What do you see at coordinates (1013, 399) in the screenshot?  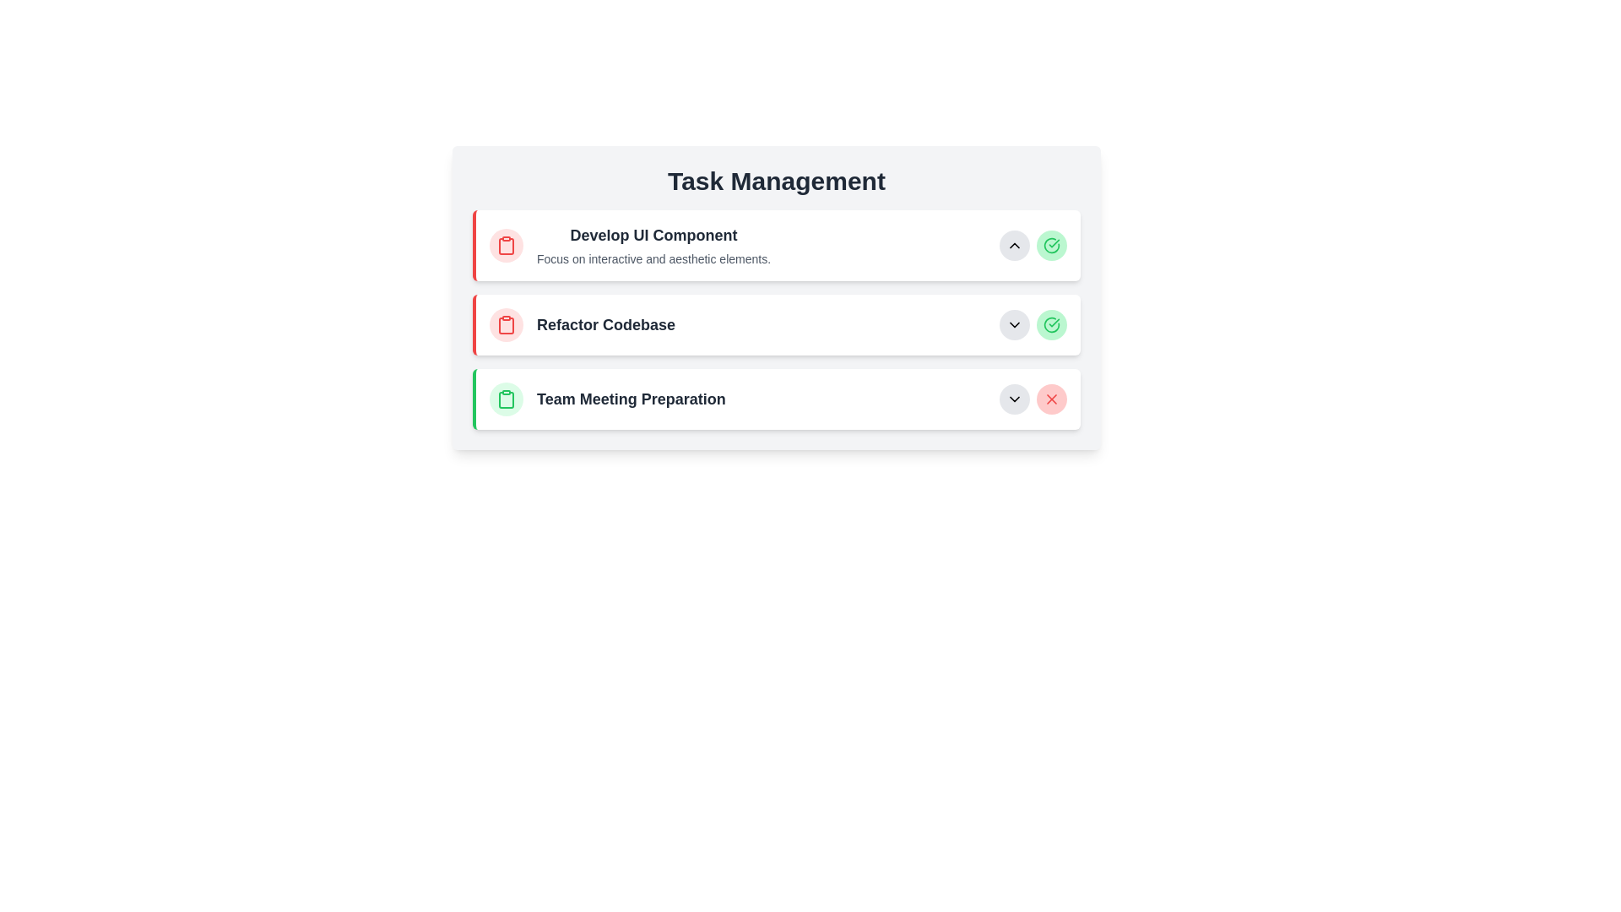 I see `the dropdown toggle button located at the bottom-right corner of the row for the 'Team Meeting Preparation' task` at bounding box center [1013, 399].